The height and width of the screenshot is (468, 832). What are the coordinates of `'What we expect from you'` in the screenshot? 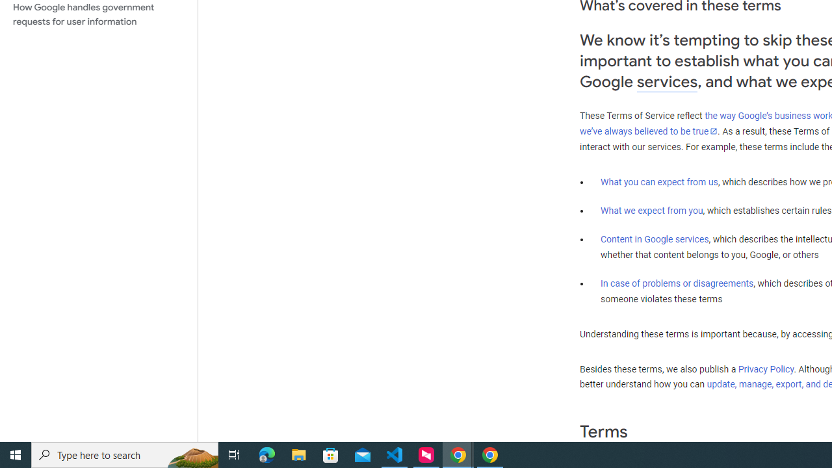 It's located at (651, 210).